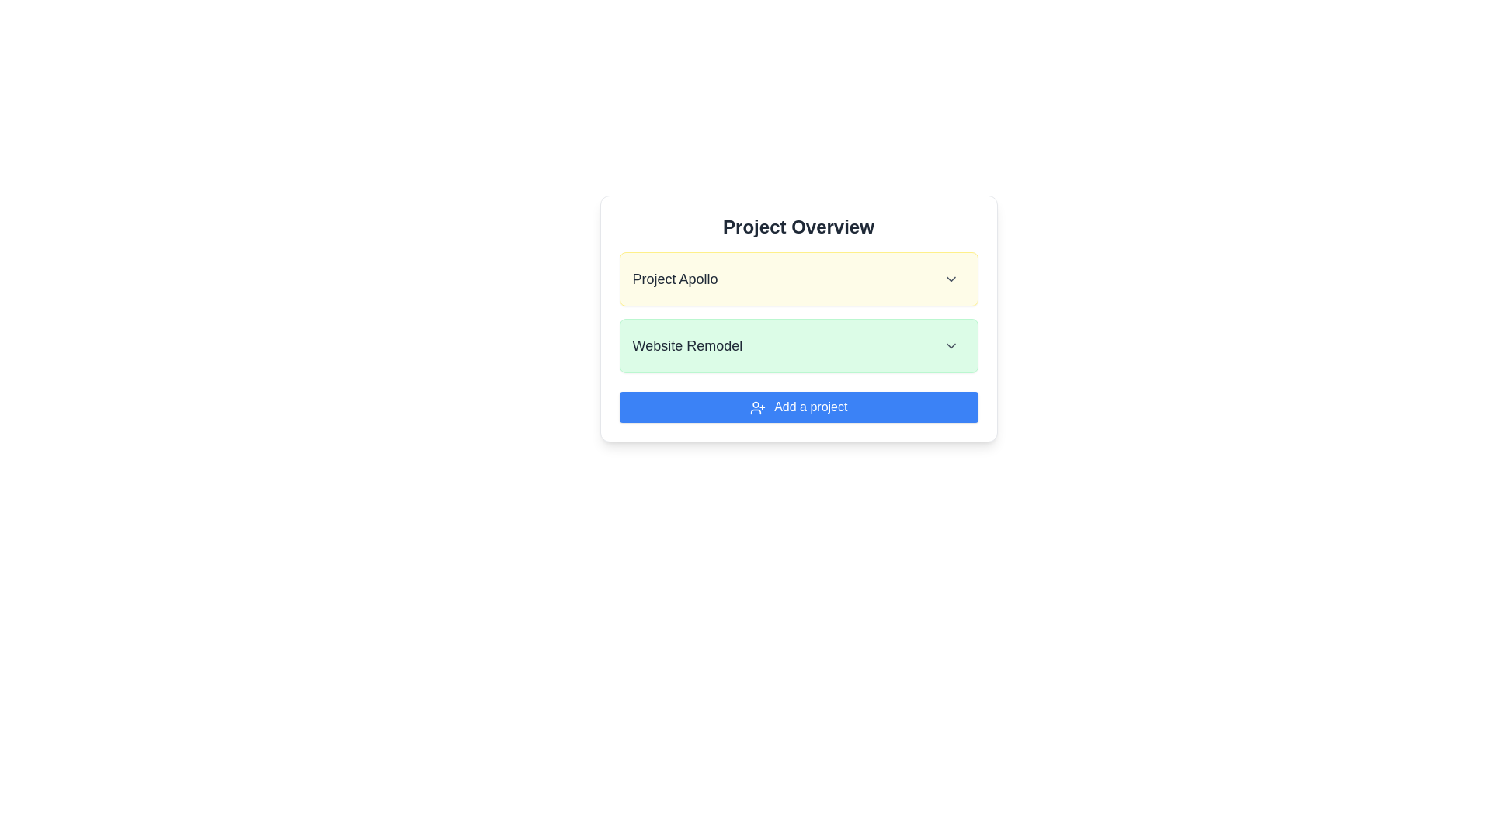 The width and height of the screenshot is (1491, 838). I want to click on the small triangular icon pointing downwards, which is located on the right side of the yellow-highlighted header labeled 'Project Apollo', so click(950, 278).